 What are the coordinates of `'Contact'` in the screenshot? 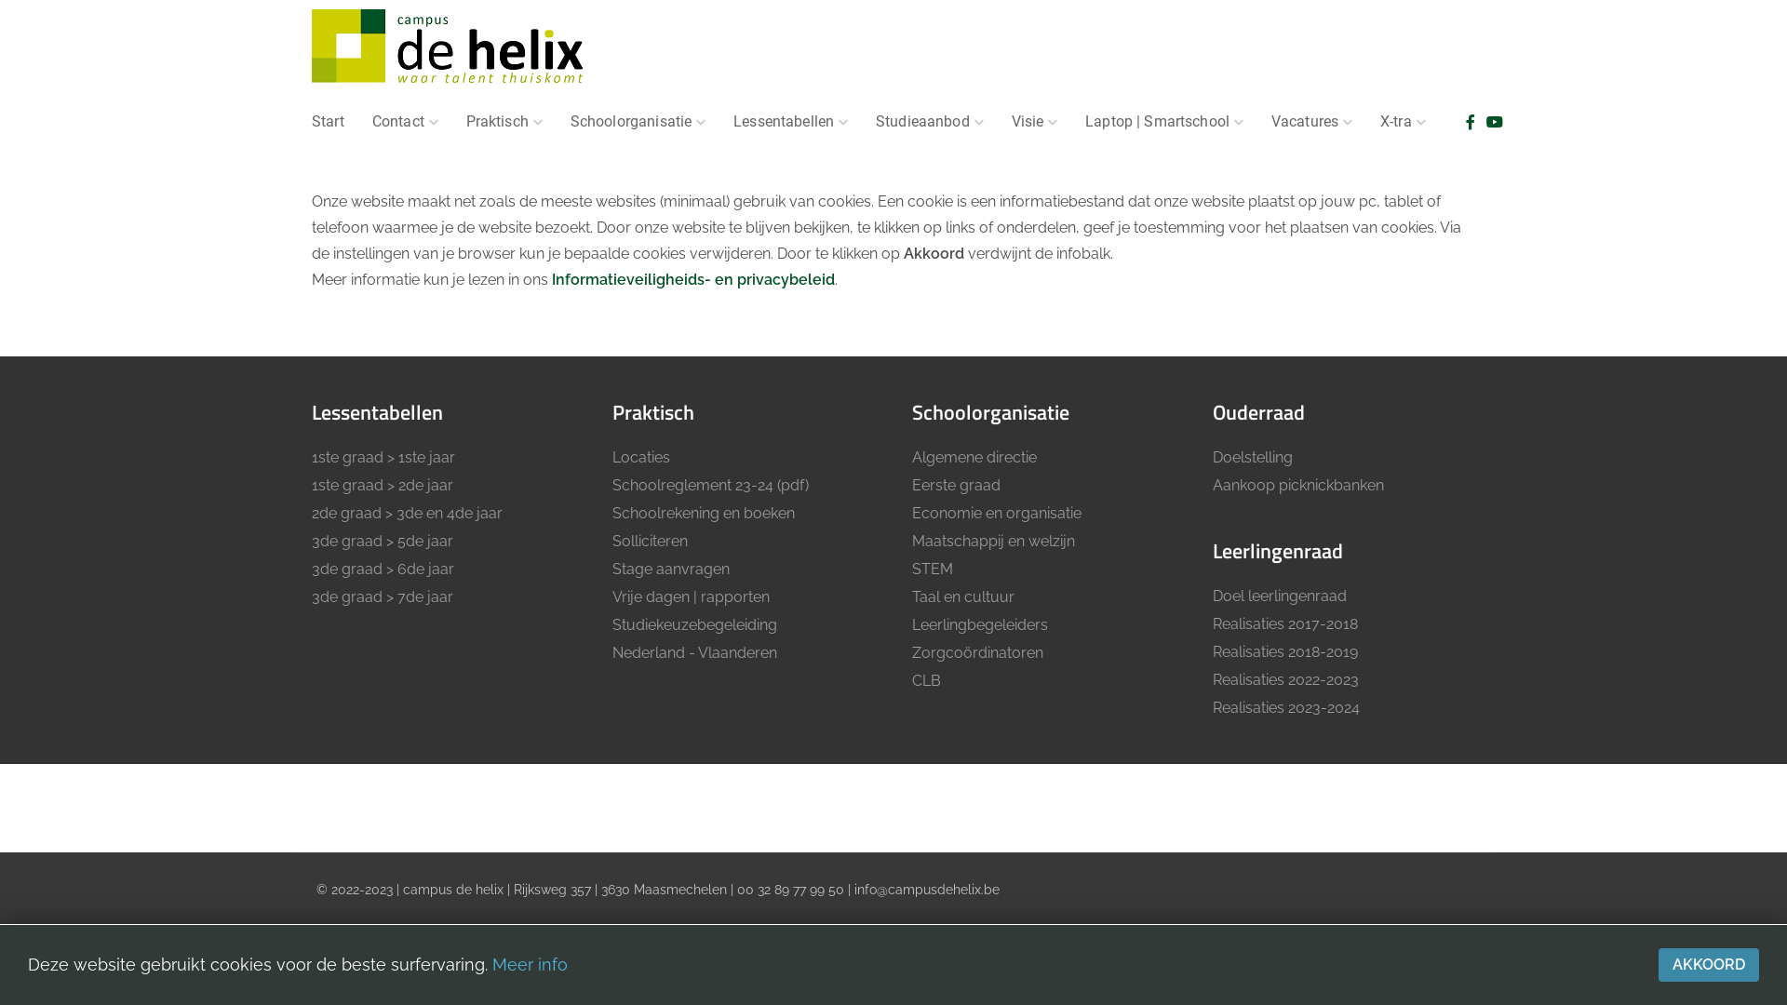 It's located at (404, 121).